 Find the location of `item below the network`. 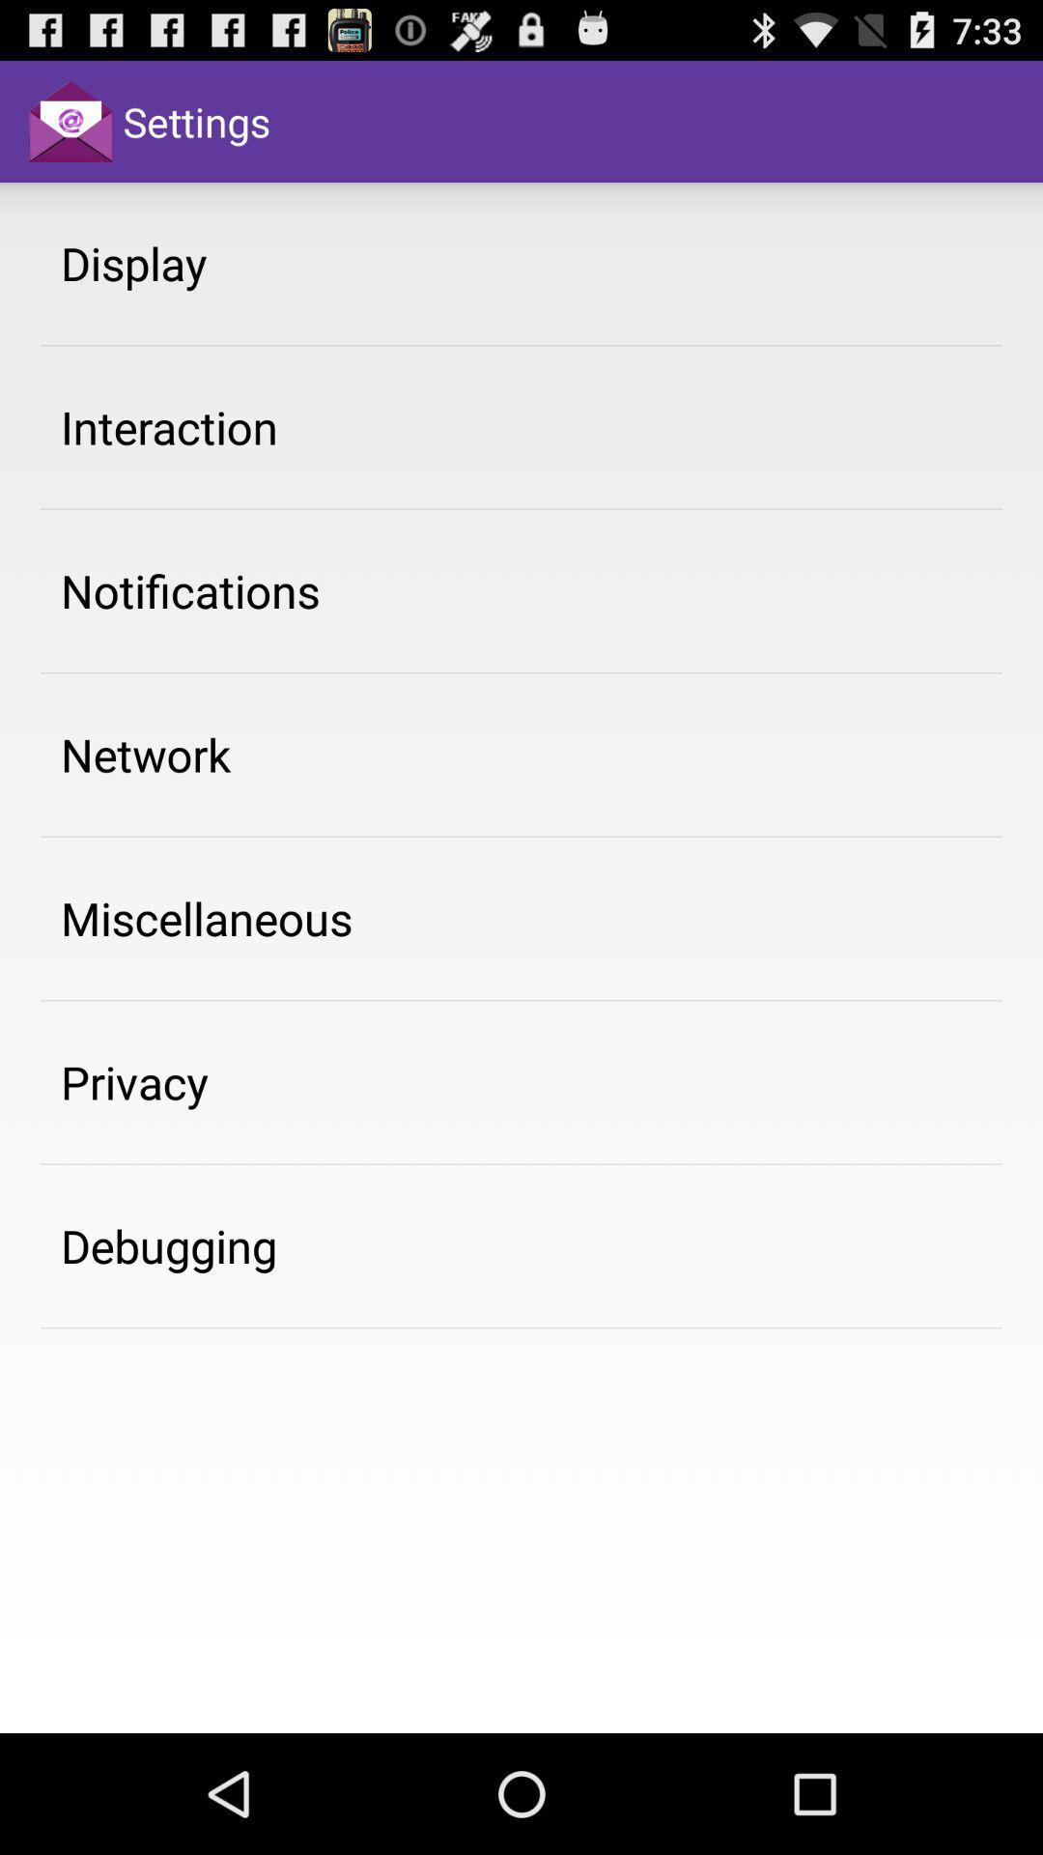

item below the network is located at coordinates (207, 917).